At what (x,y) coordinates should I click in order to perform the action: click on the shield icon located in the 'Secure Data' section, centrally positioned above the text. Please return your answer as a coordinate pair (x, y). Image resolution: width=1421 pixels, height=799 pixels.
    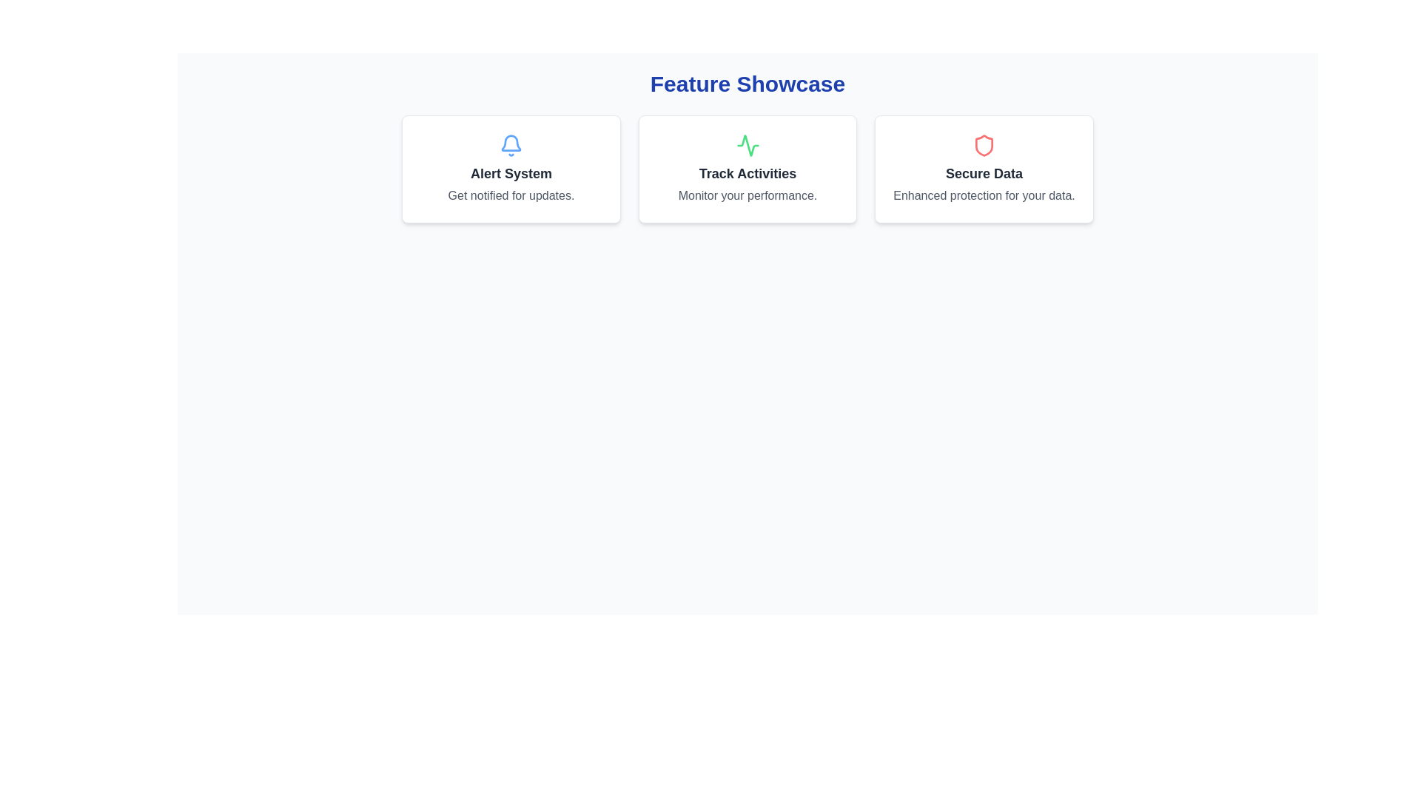
    Looking at the image, I should click on (984, 145).